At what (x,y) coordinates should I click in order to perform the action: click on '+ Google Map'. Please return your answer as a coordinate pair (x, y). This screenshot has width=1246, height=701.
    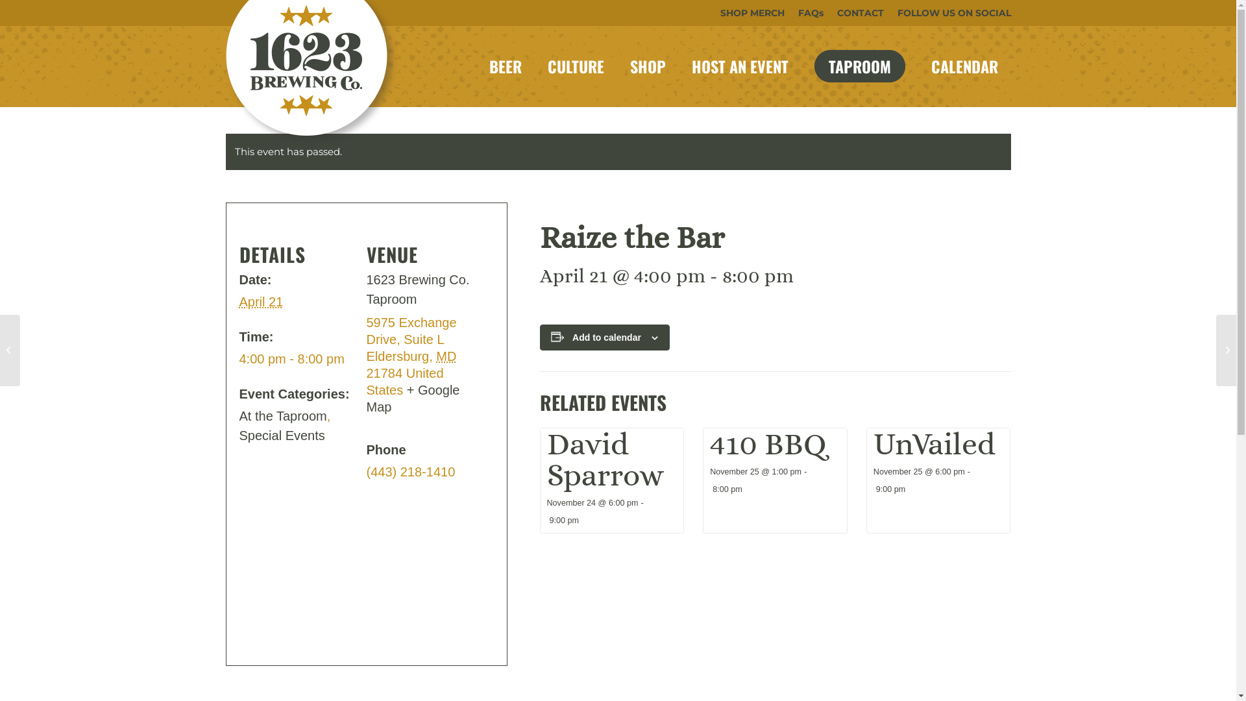
    Looking at the image, I should click on (412, 397).